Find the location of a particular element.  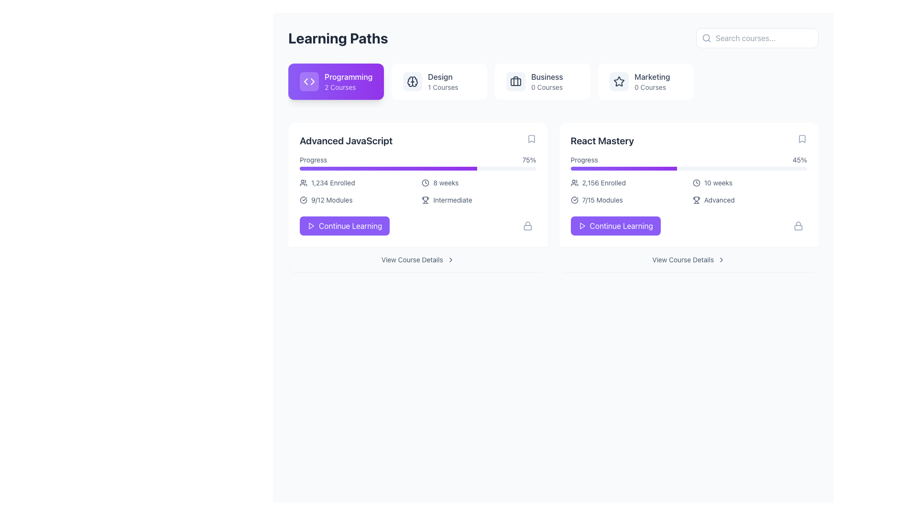

the small circular icon with a check mark inside, which is located to the immediate left of the text '7/15 Modules' within the 'React Mastery' course card is located at coordinates (574, 200).